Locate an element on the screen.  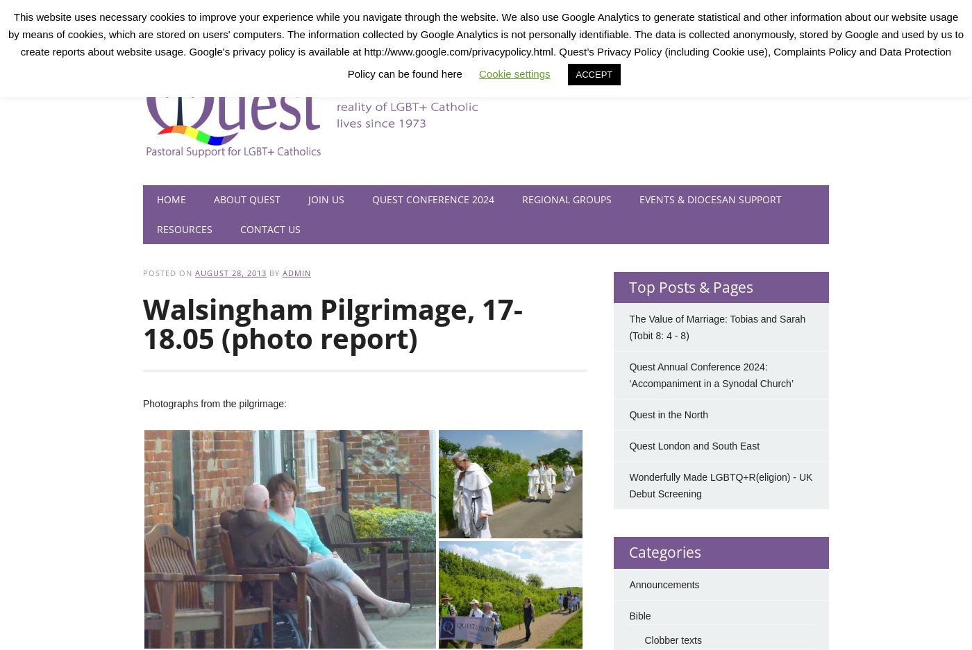
'Resources' is located at coordinates (185, 228).